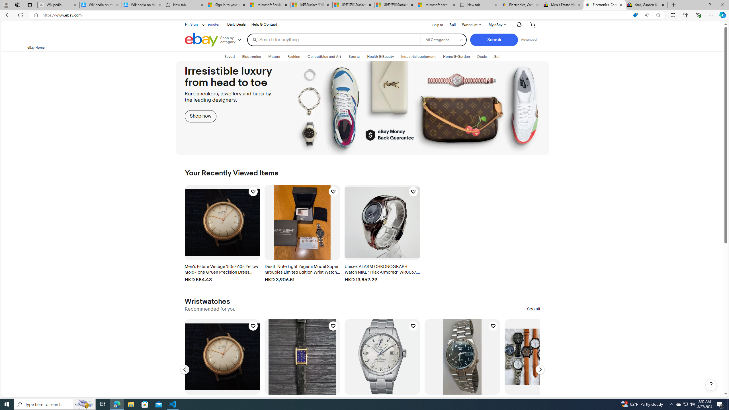 The image size is (729, 410). Describe the element at coordinates (236, 24) in the screenshot. I see `'Daily Deals'` at that location.